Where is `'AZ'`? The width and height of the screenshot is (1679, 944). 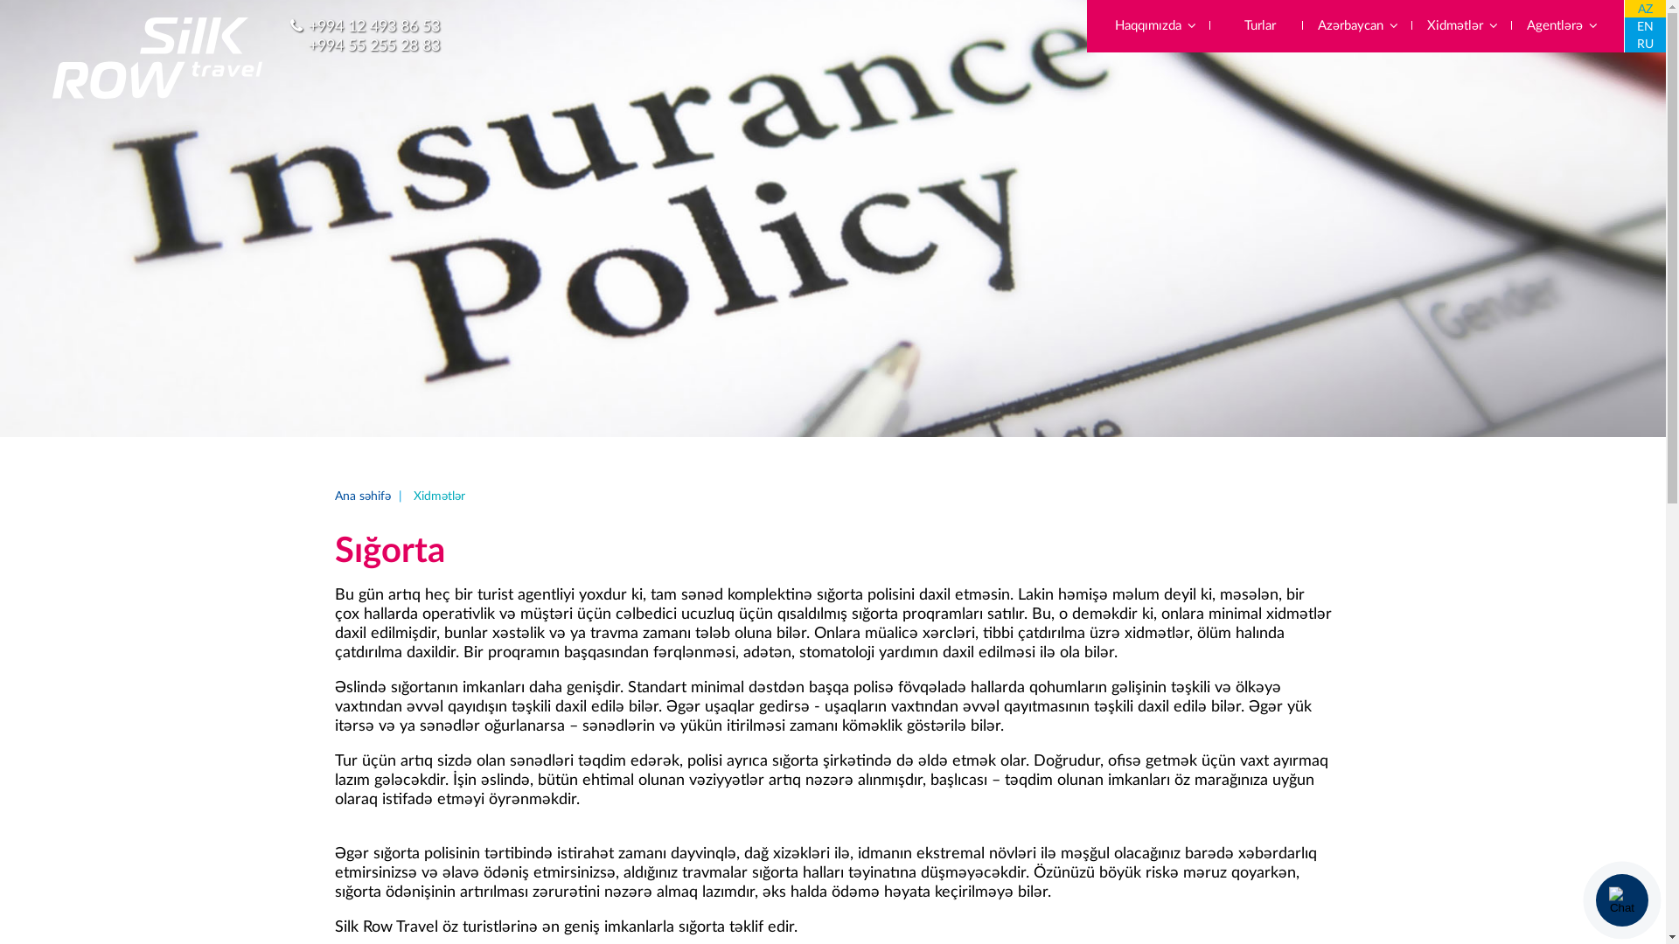
'AZ' is located at coordinates (1644, 9).